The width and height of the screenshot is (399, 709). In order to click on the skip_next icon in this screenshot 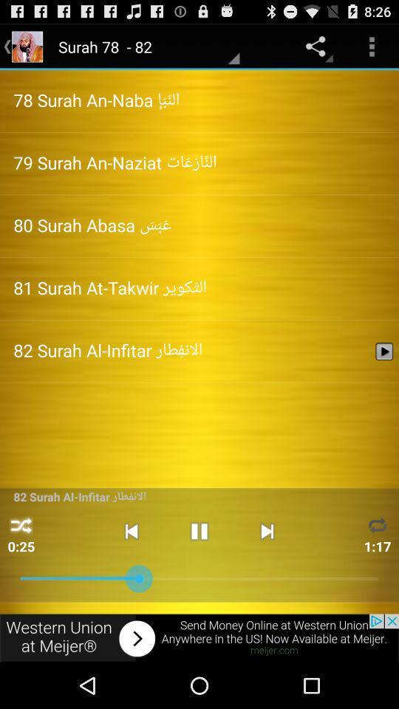, I will do `click(266, 567)`.